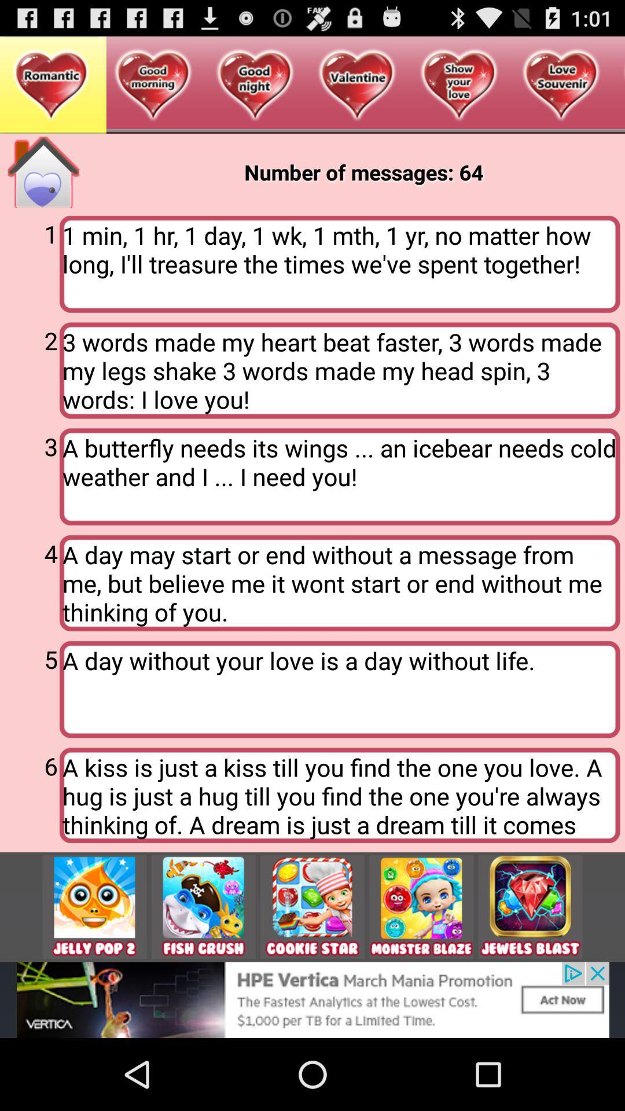  I want to click on the email icon, so click(530, 971).